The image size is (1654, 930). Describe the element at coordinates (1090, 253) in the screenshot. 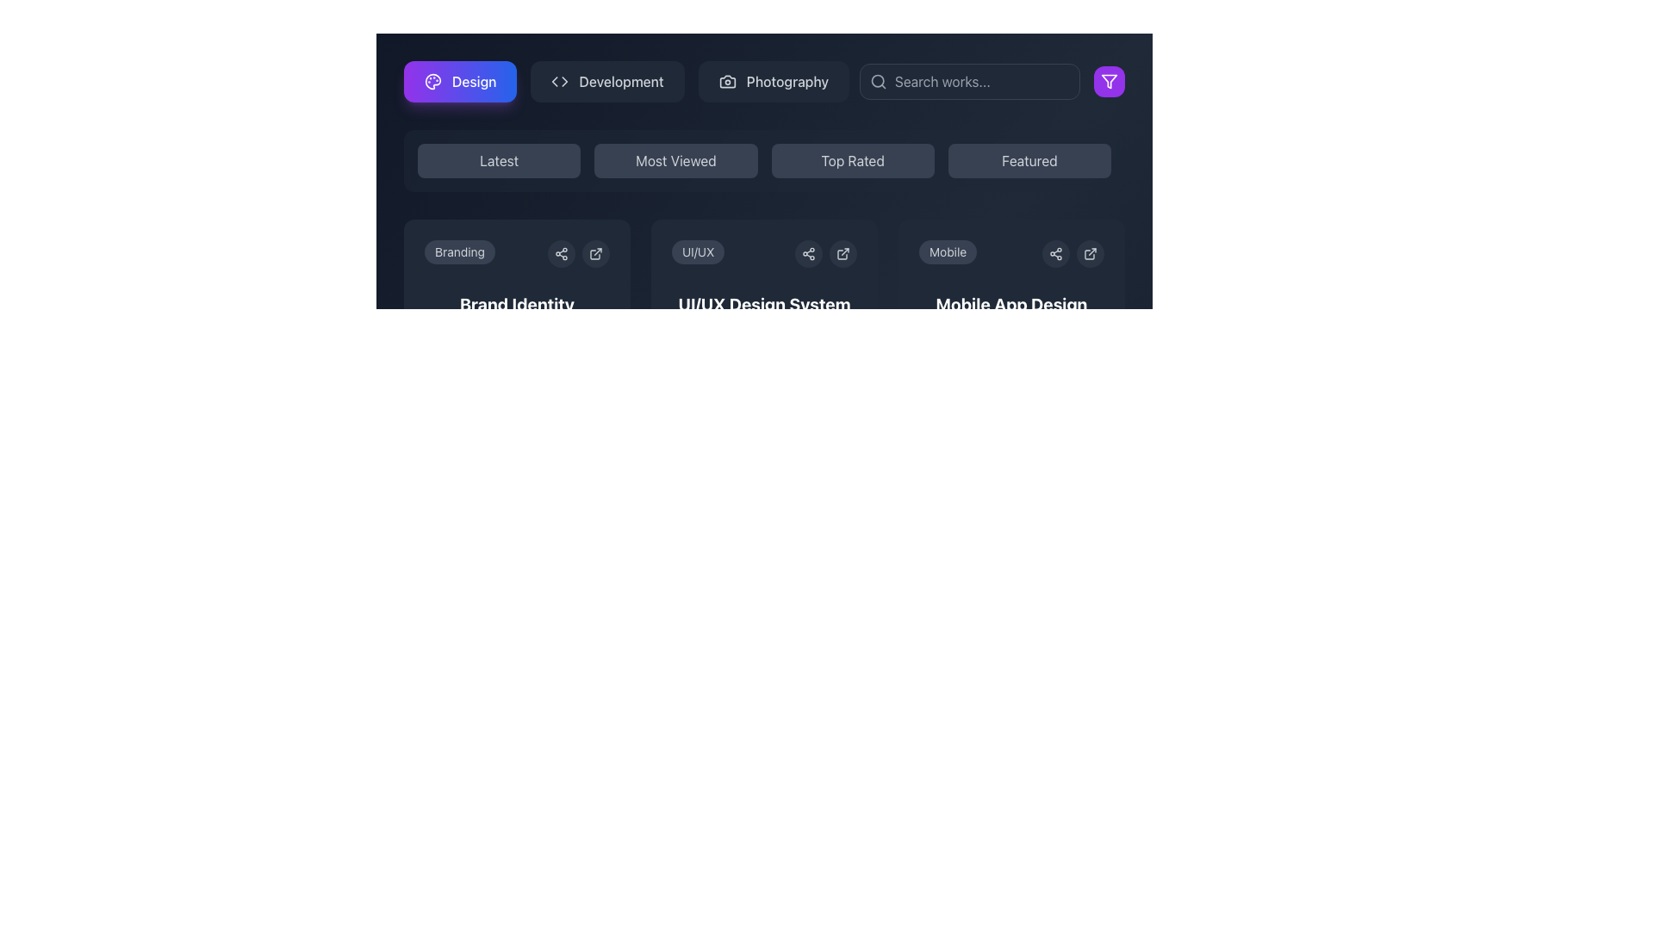

I see `the circular button with a dark-gray background and an external link icon` at that location.